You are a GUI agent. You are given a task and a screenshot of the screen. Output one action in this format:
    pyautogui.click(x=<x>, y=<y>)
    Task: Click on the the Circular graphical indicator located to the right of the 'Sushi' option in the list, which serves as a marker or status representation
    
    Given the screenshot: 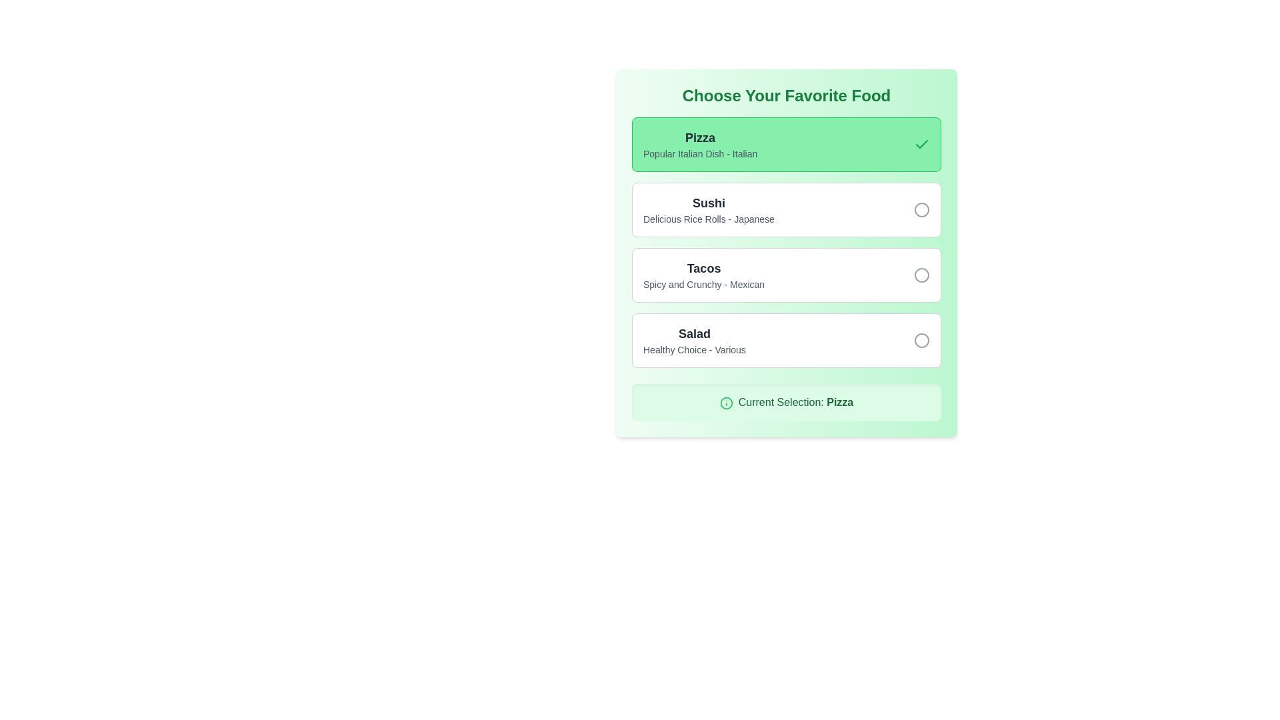 What is the action you would take?
    pyautogui.click(x=921, y=210)
    